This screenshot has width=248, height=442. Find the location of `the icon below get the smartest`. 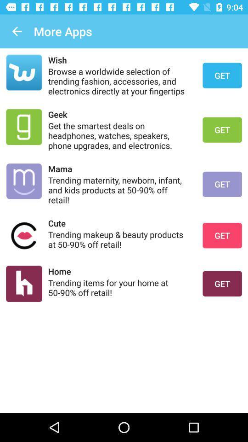

the icon below get the smartest is located at coordinates (119, 168).